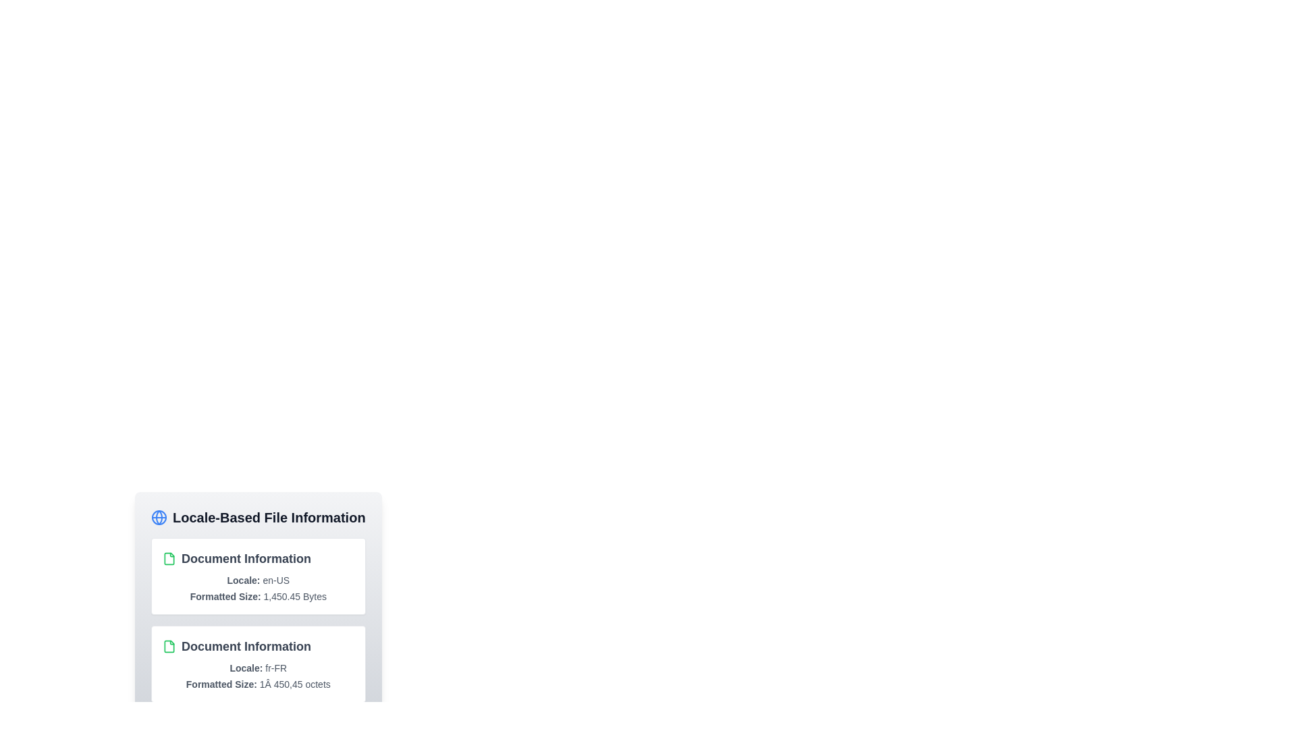  I want to click on the static text element that displays 'Formatted Size: 1,450.45 Bytes', located below 'Locale: en-US' in the 'Document Information' section, so click(258, 595).